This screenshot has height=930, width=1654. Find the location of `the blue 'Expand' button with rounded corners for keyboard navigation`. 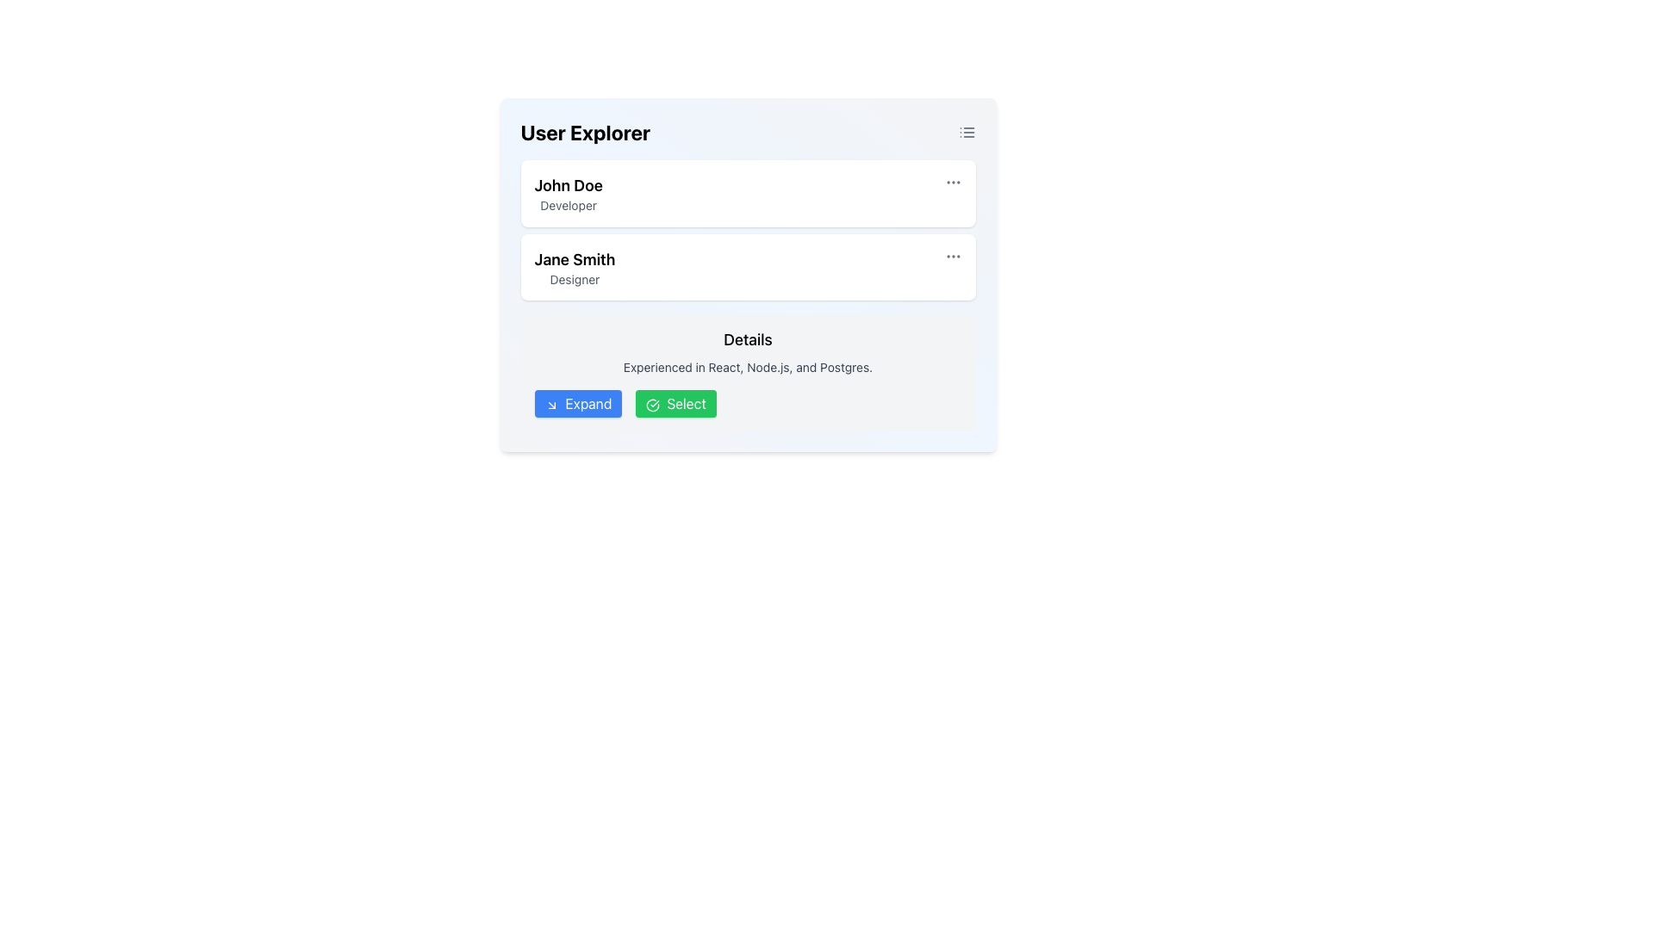

the blue 'Expand' button with rounded corners for keyboard navigation is located at coordinates (578, 404).